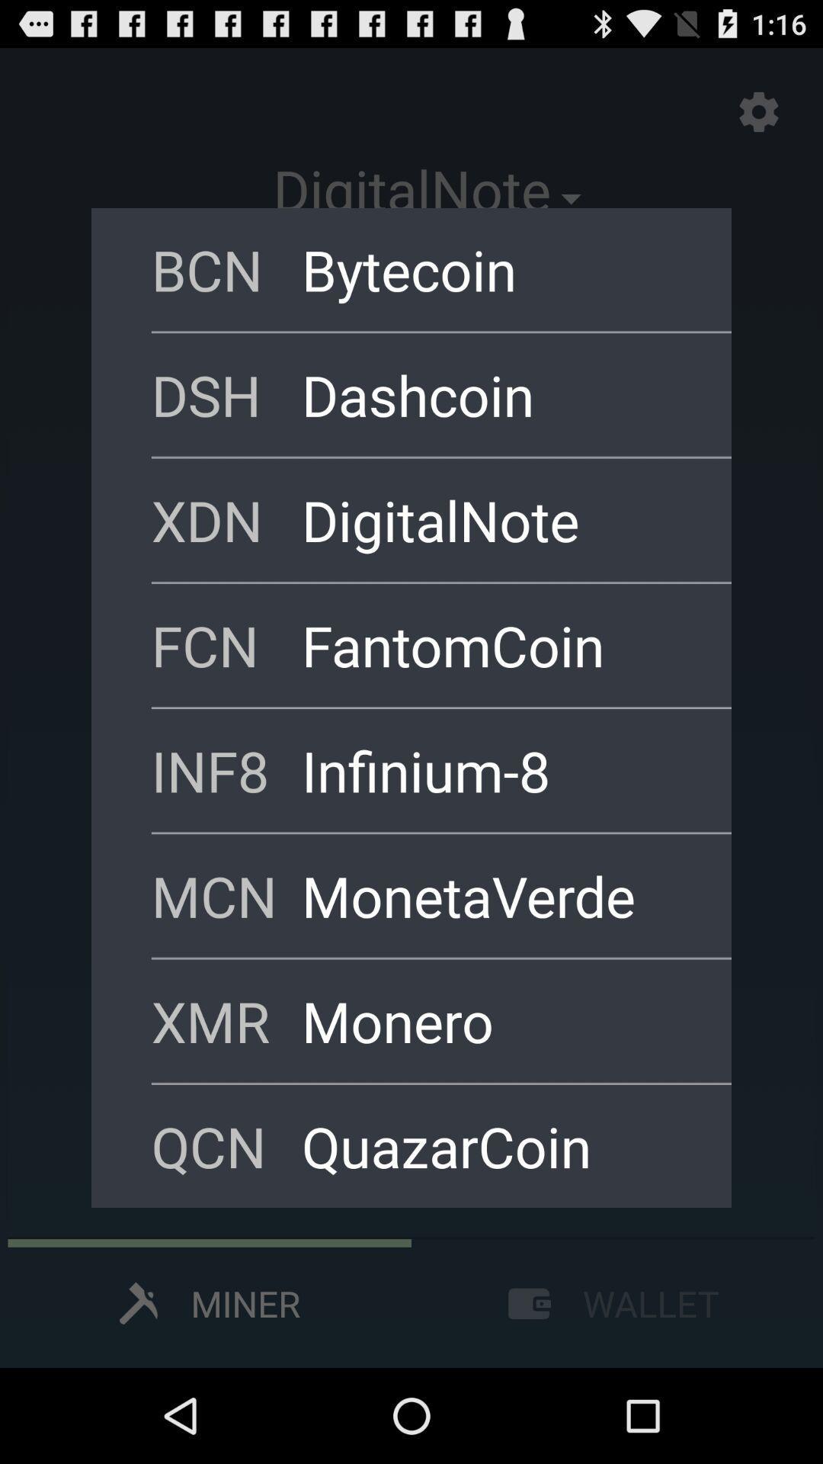 The image size is (823, 1464). I want to click on the icon to the left of the digitalnote, so click(226, 520).